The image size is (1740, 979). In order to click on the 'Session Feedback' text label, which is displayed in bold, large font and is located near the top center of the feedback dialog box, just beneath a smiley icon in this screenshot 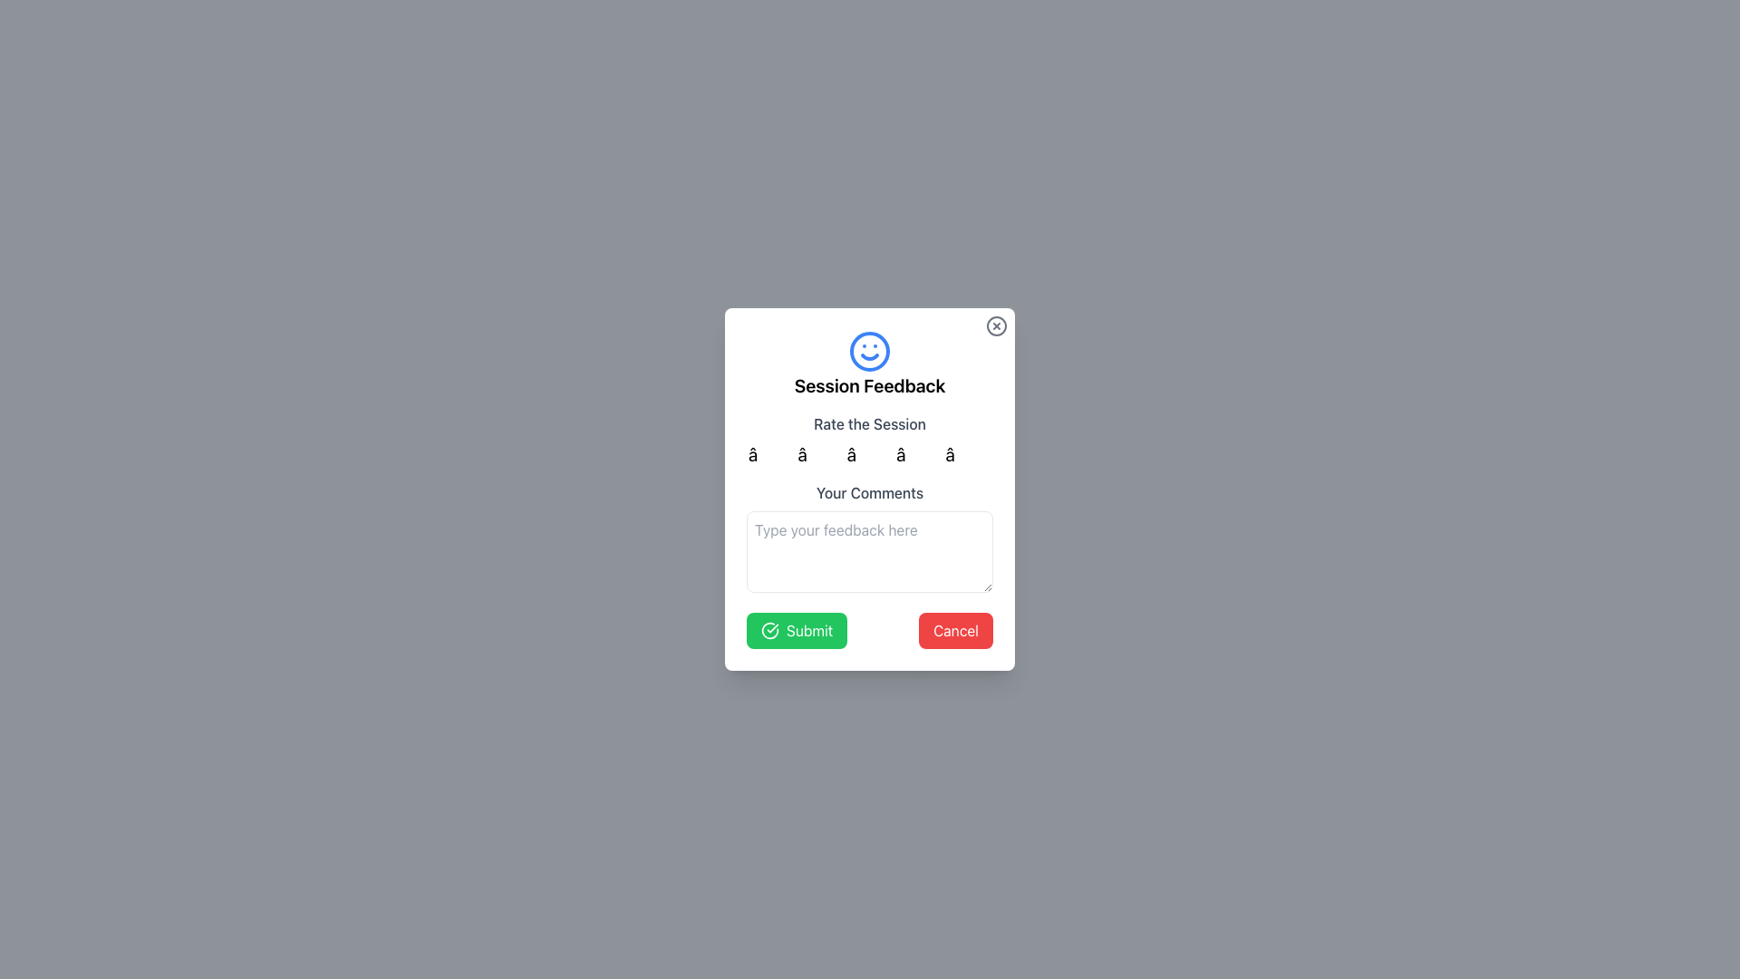, I will do `click(870, 363)`.